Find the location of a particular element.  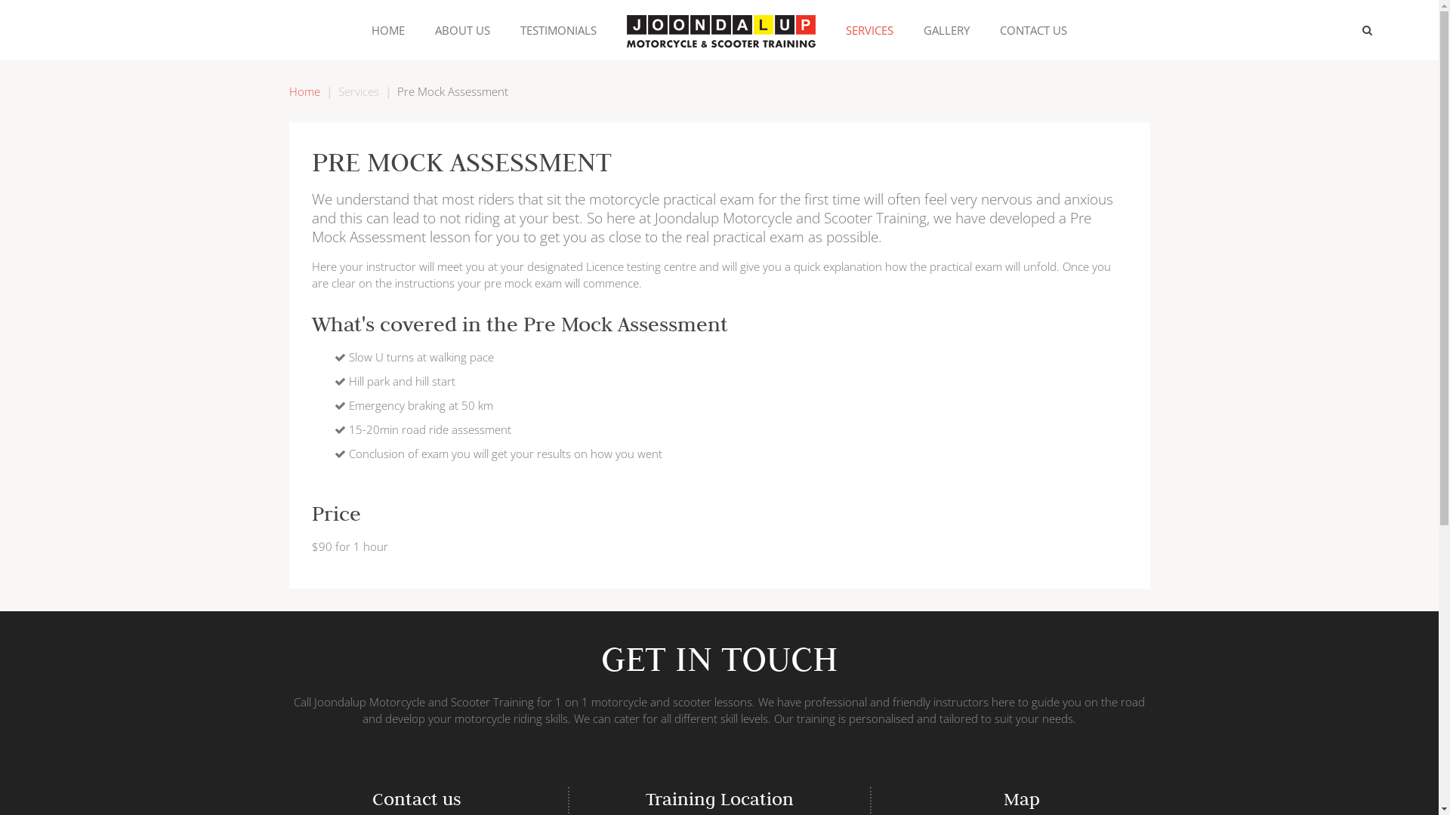

'Home' is located at coordinates (288, 91).